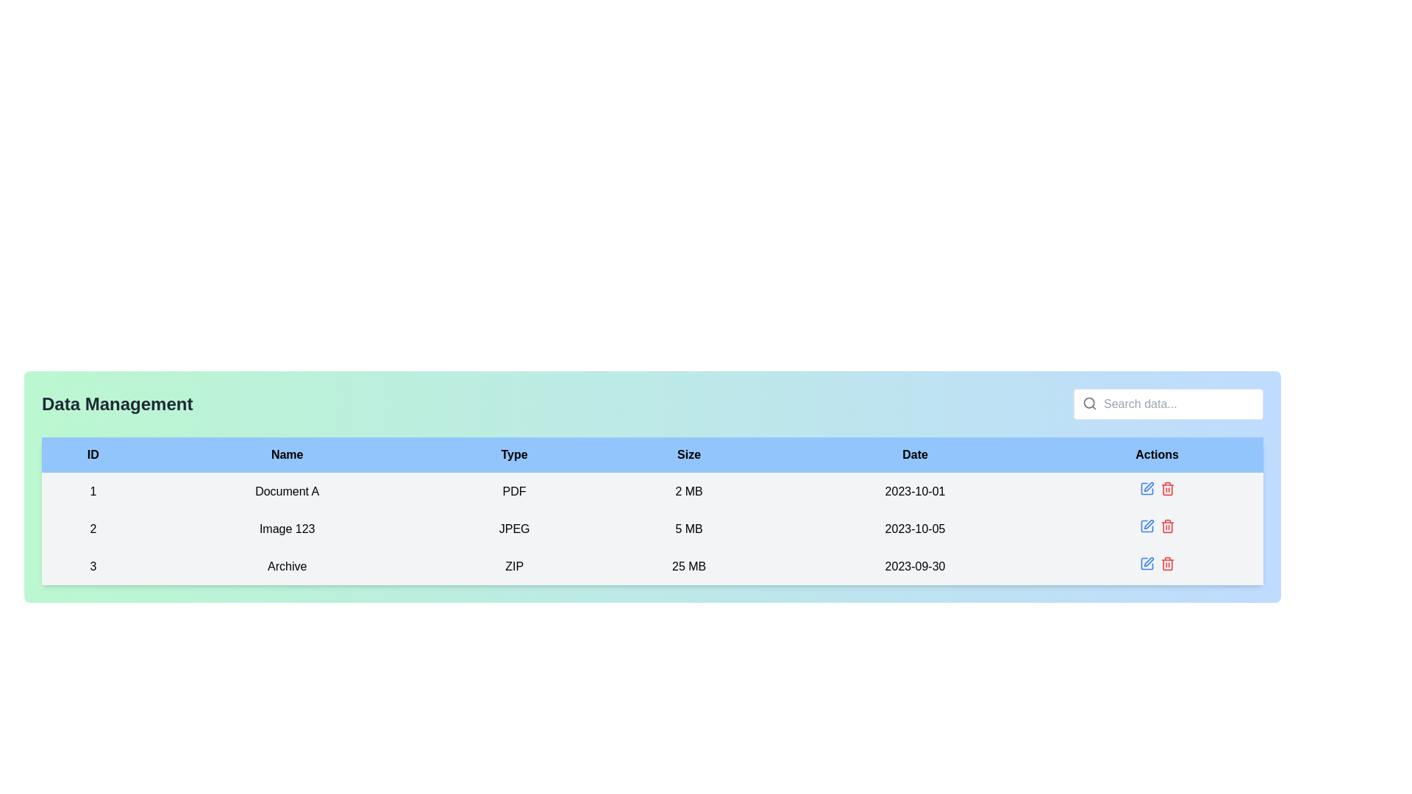  I want to click on number '2' located in the light gray rectangular cell of the table, which is positioned in the second row and first column, so click(92, 528).